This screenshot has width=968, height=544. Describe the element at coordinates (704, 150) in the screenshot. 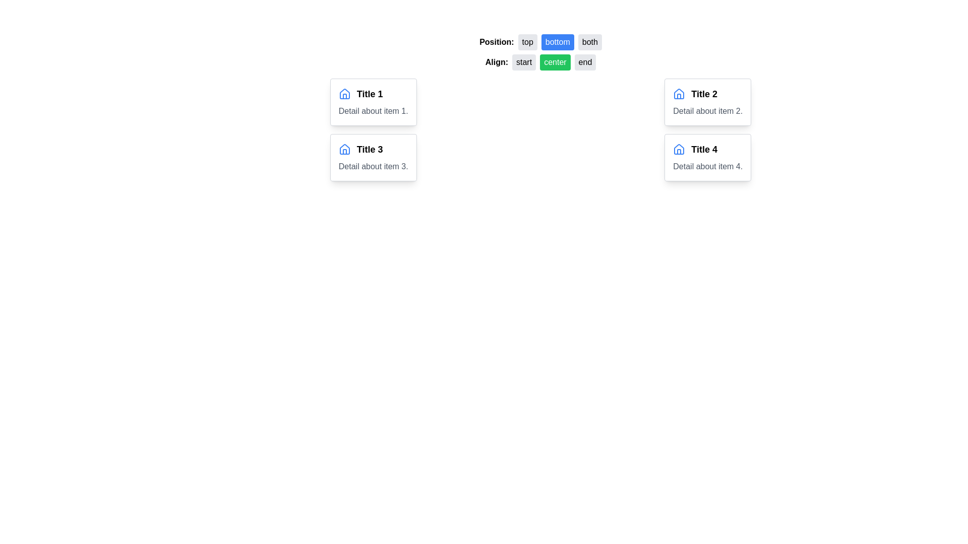

I see `the static text label reading 'Title 4', which is styled with a bold and large font, located in the second column and second row of the layout, below 'Title 2' and next to a house icon` at that location.